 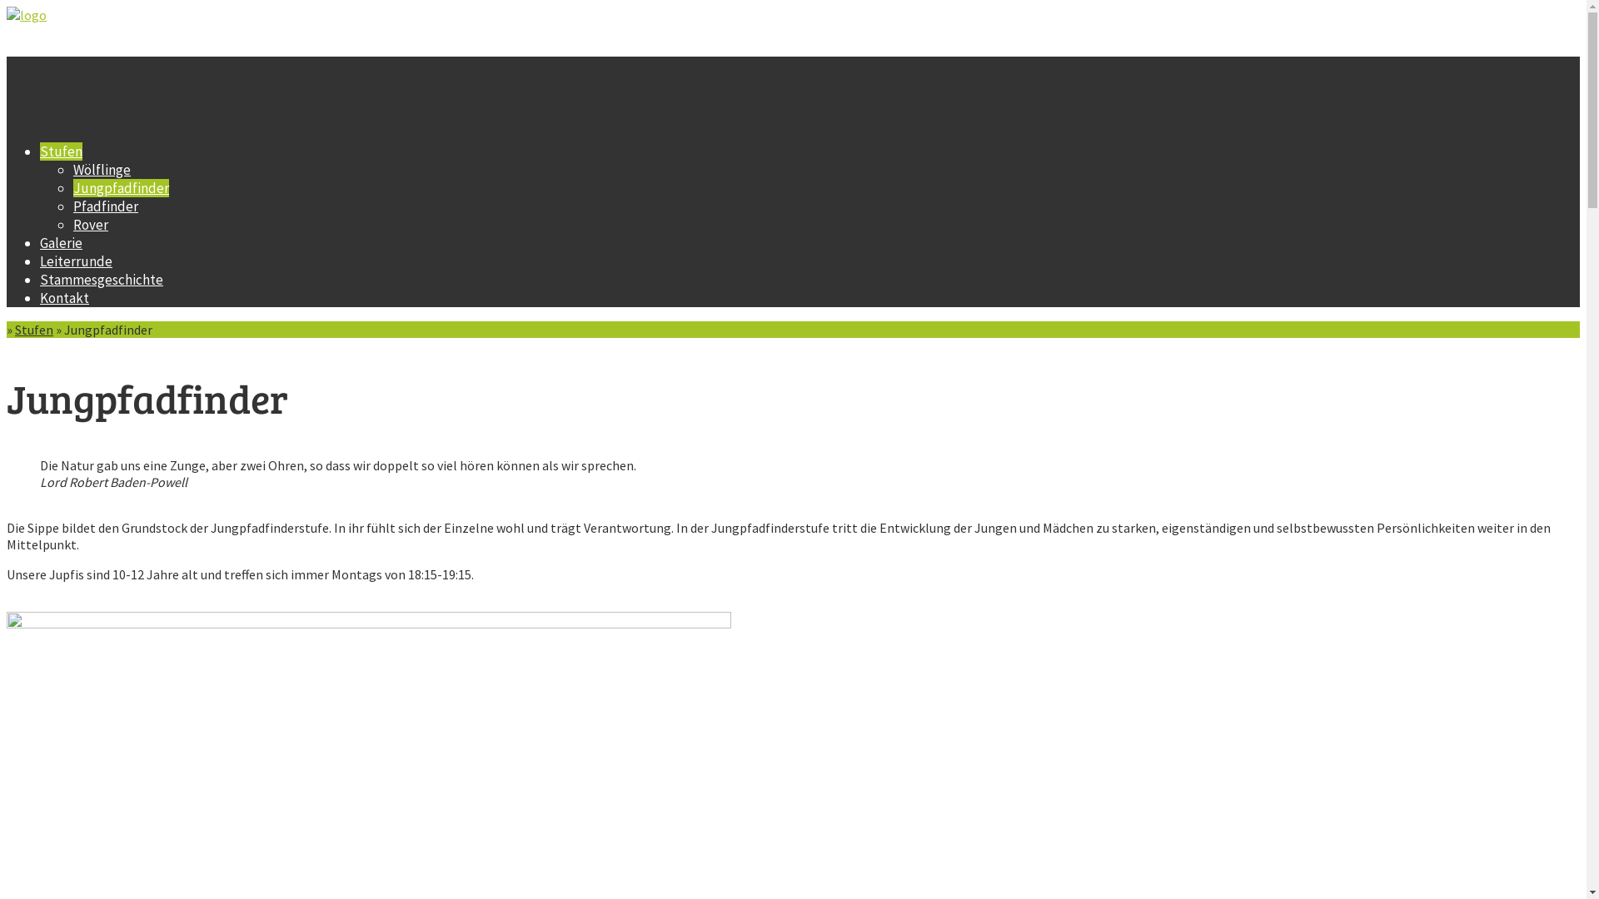 I want to click on 'Kontakt', so click(x=64, y=297).